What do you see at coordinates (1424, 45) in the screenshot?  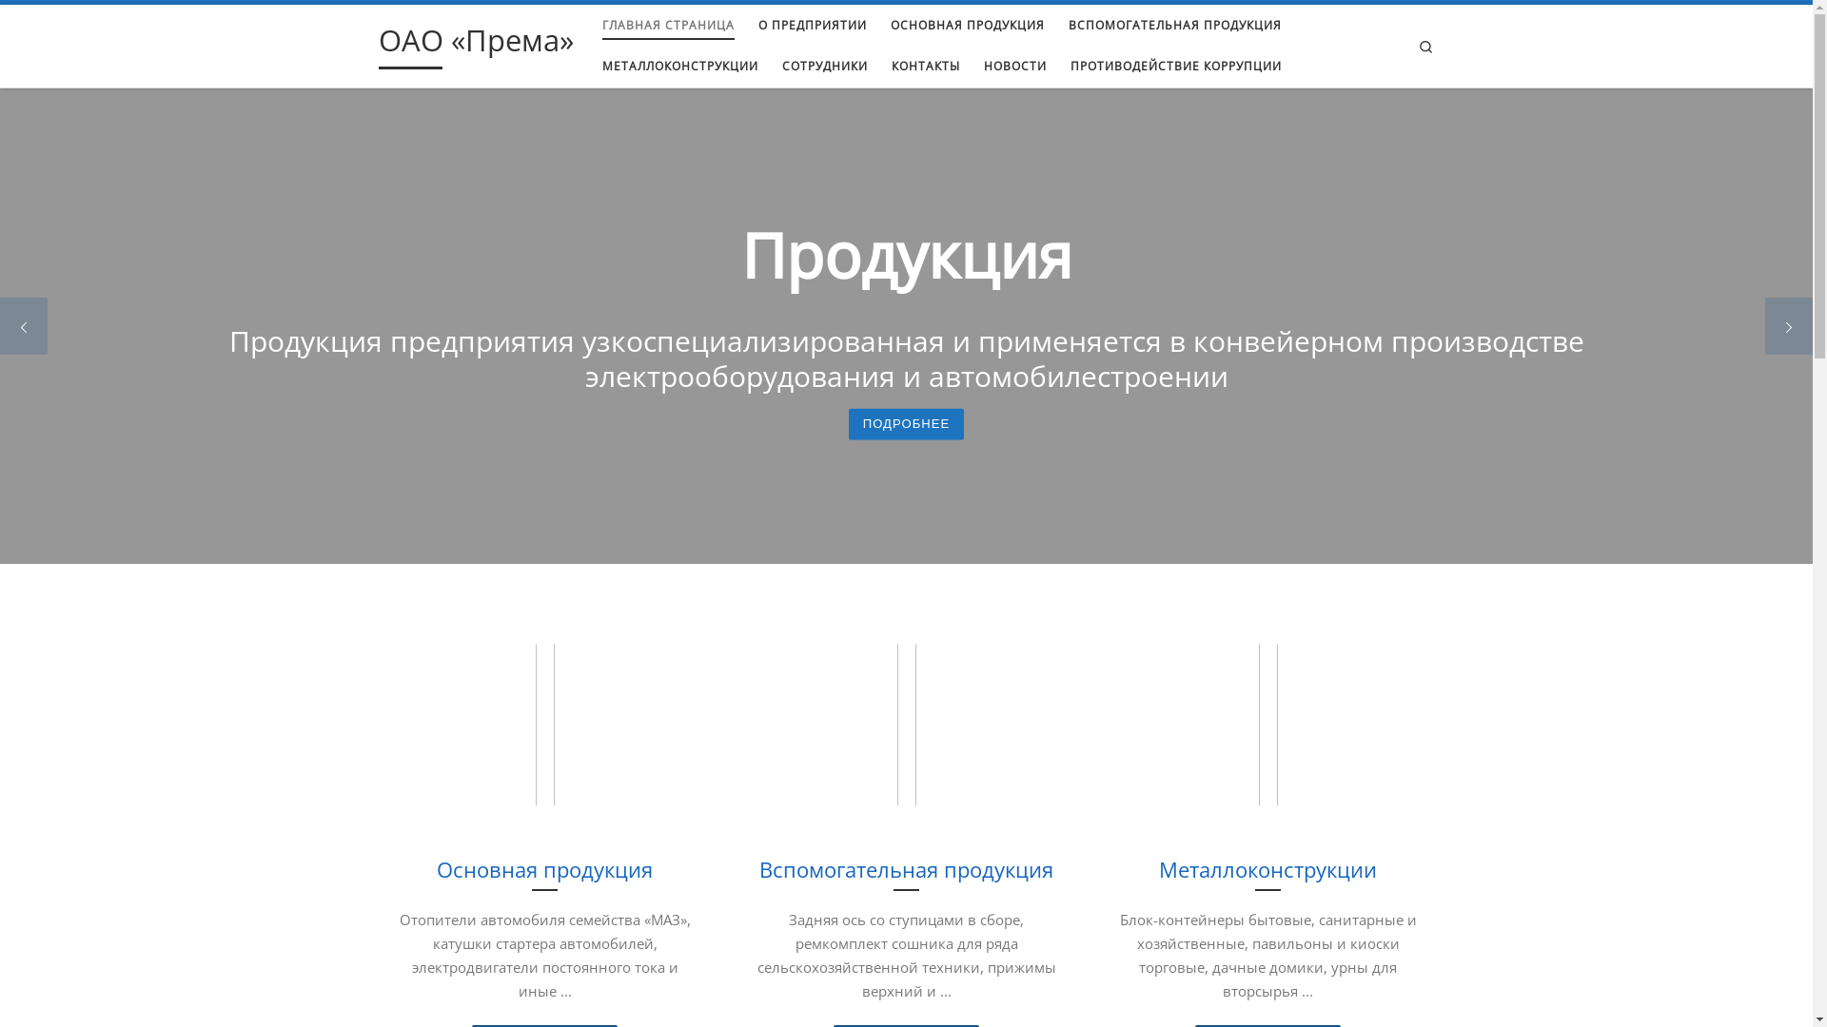 I see `'Search'` at bounding box center [1424, 45].